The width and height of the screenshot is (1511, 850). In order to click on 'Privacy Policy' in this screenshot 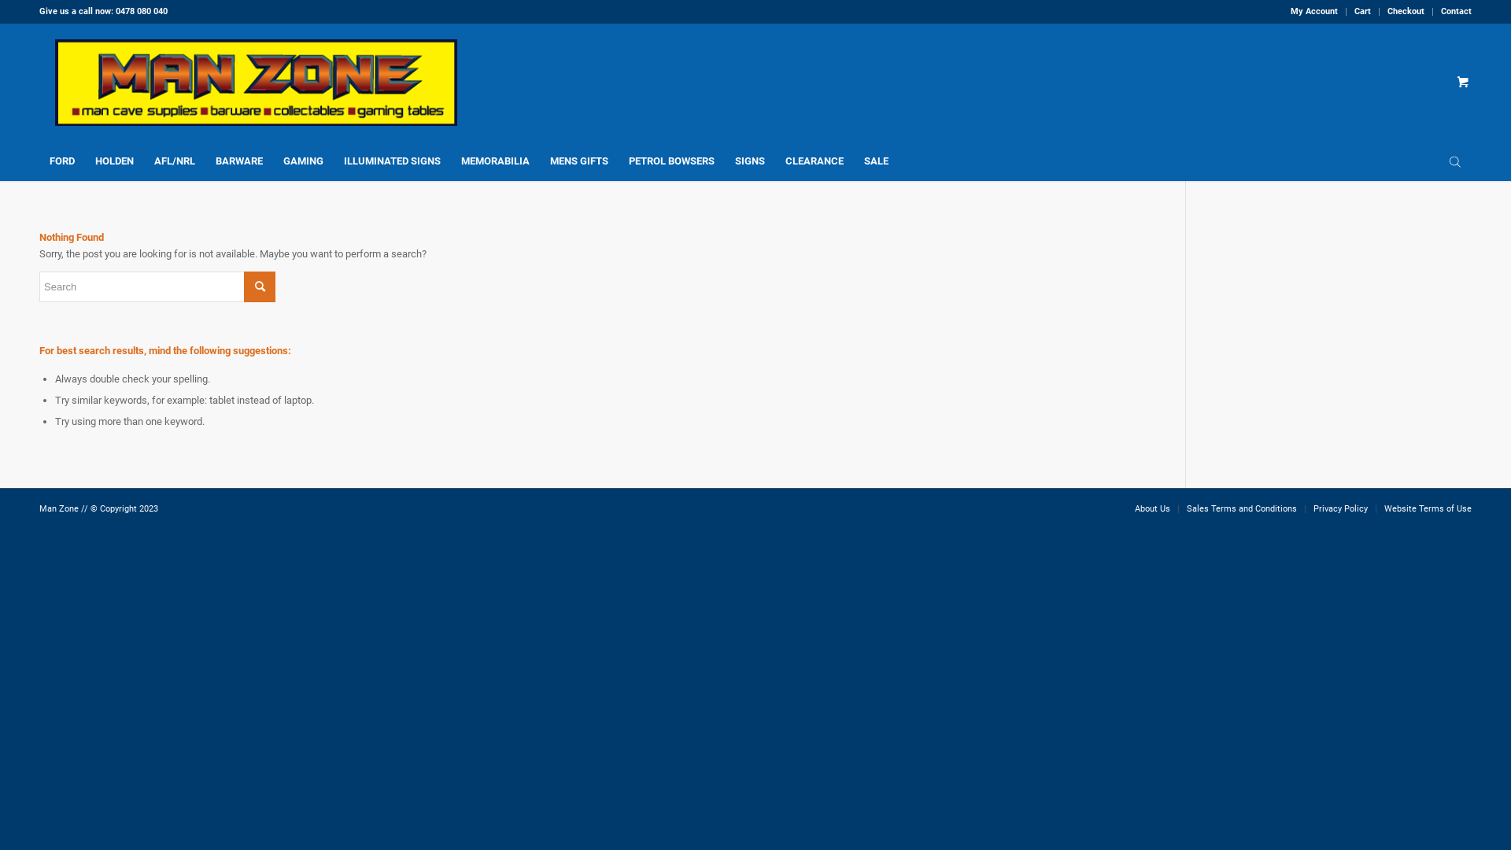, I will do `click(1339, 508)`.